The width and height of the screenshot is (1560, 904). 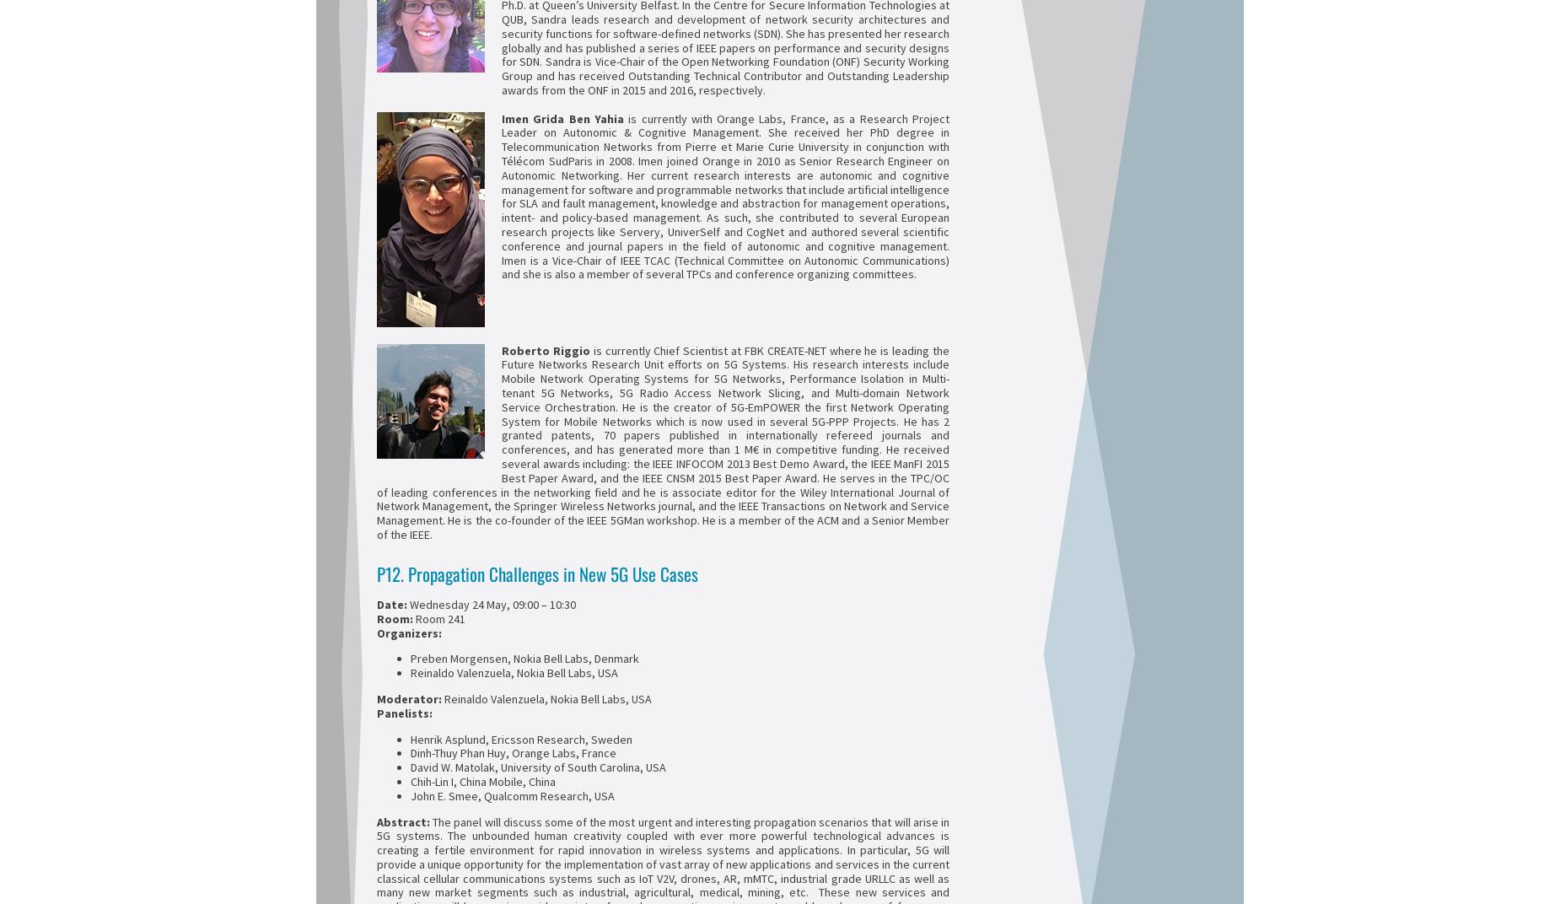 I want to click on 'John E. Smee, Qualcomm Research, USA', so click(x=512, y=794).